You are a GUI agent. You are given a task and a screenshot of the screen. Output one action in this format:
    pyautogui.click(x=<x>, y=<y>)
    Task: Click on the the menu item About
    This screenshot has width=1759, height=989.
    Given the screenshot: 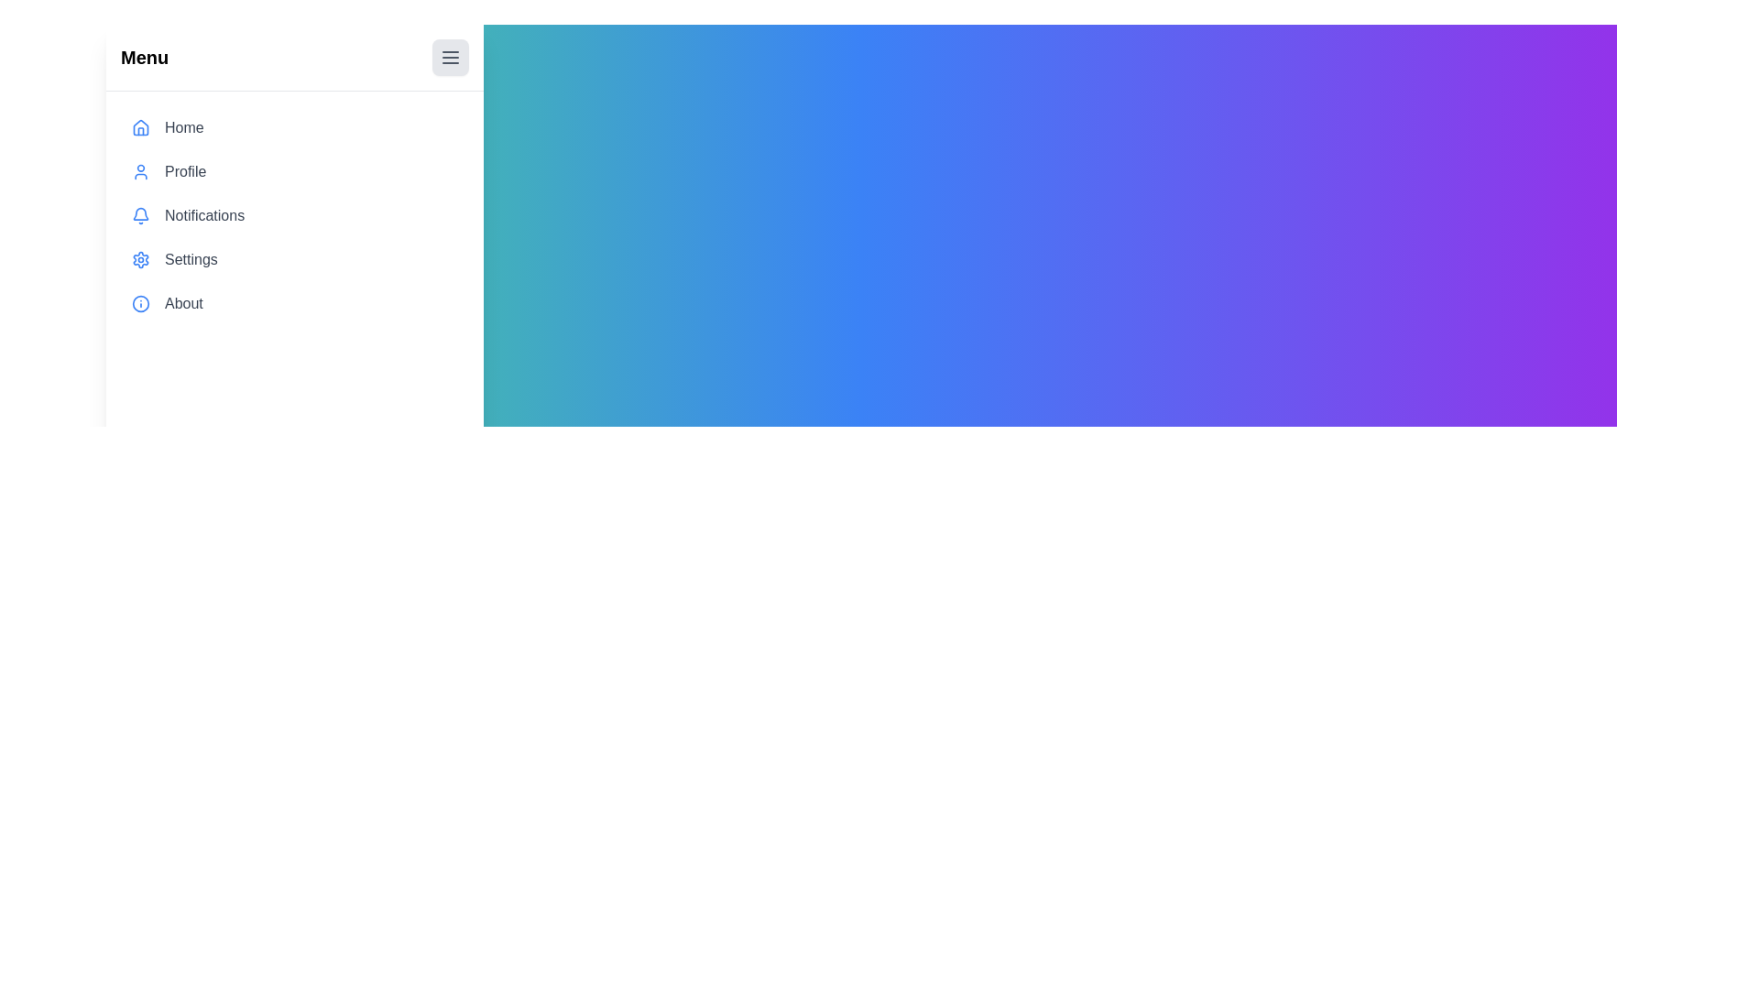 What is the action you would take?
    pyautogui.click(x=295, y=302)
    